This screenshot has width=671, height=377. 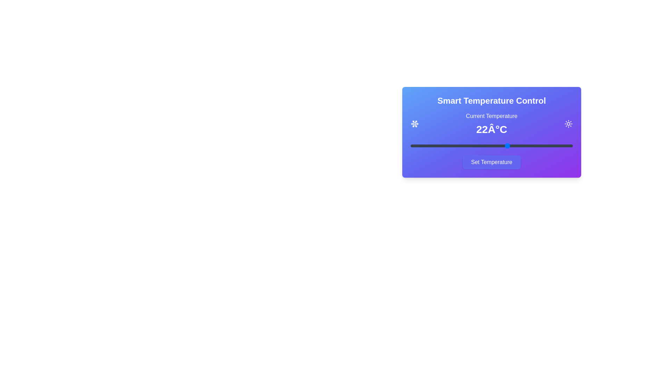 What do you see at coordinates (491, 145) in the screenshot?
I see `the Range slider located centrally within the 'Smart Temperature Control' card, below the '22°C' text and above the 'Set Temperature' button` at bounding box center [491, 145].